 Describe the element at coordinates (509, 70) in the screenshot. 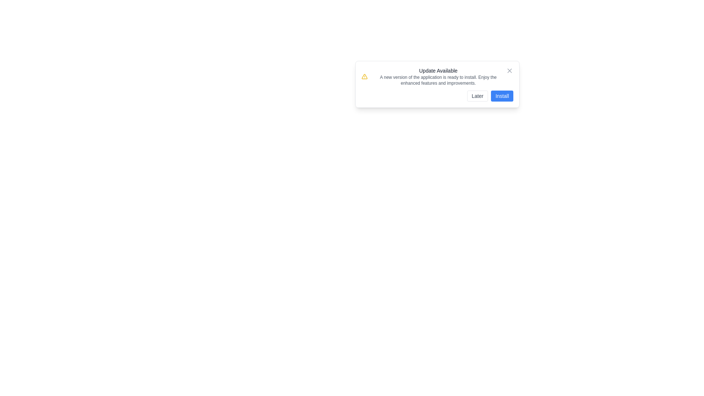

I see `the close button located at the far right of the 'Update Available' notification dialog` at that location.